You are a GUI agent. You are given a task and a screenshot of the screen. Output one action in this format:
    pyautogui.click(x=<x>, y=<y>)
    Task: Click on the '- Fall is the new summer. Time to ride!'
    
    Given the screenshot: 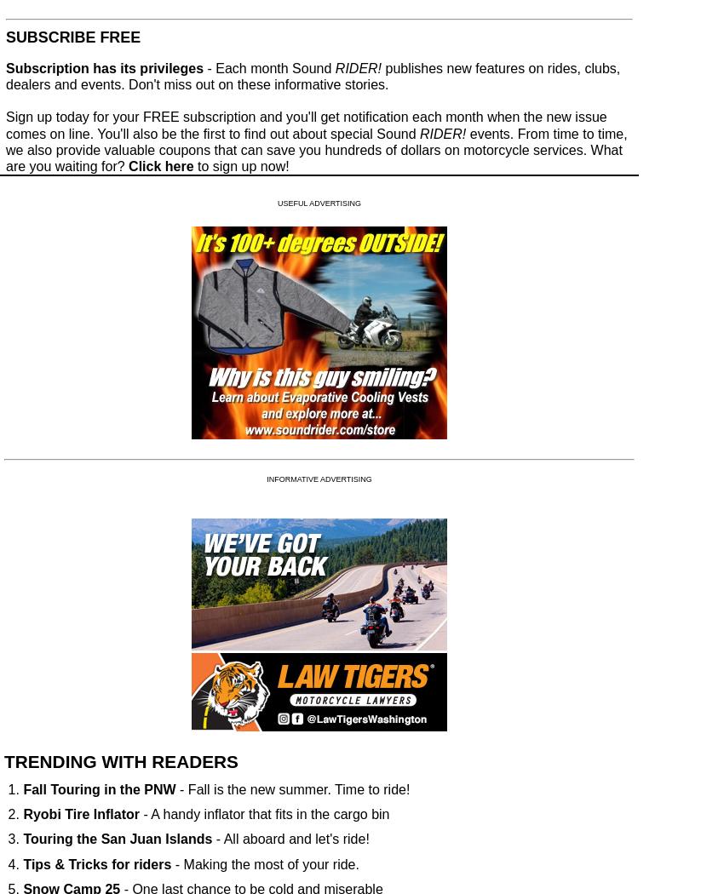 What is the action you would take?
    pyautogui.click(x=175, y=789)
    